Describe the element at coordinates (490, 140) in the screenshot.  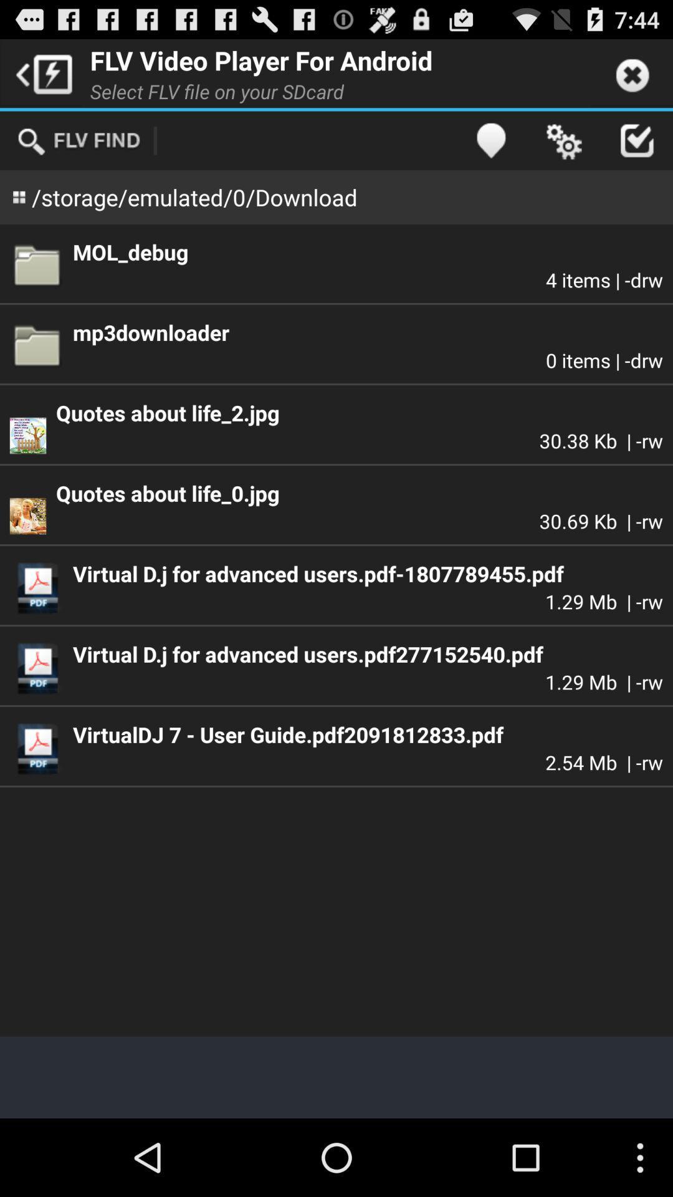
I see `the item above mol_debug` at that location.